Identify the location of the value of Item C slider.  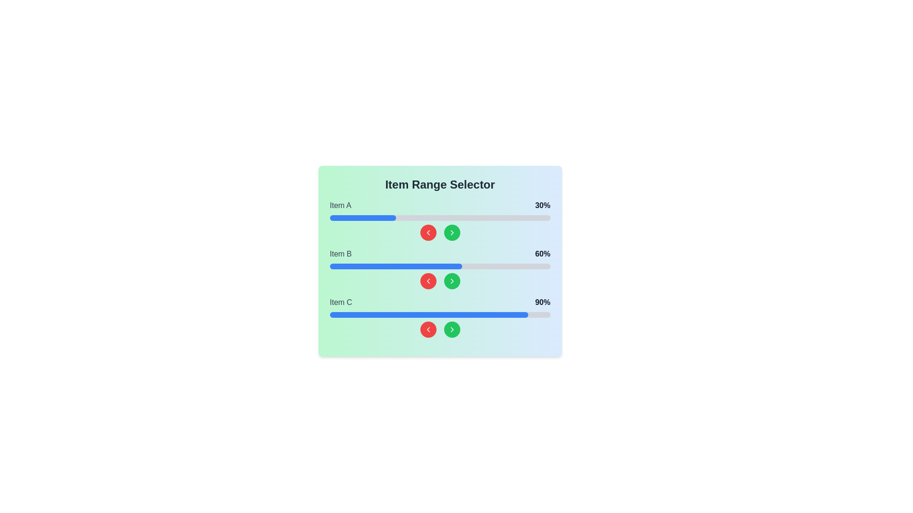
(394, 315).